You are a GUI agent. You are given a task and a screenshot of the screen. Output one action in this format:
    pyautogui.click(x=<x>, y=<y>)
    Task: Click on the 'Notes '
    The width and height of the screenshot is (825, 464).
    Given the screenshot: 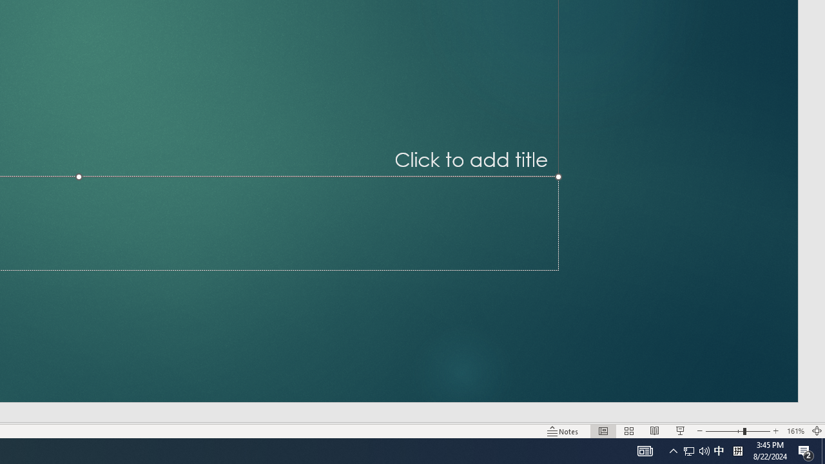 What is the action you would take?
    pyautogui.click(x=563, y=431)
    